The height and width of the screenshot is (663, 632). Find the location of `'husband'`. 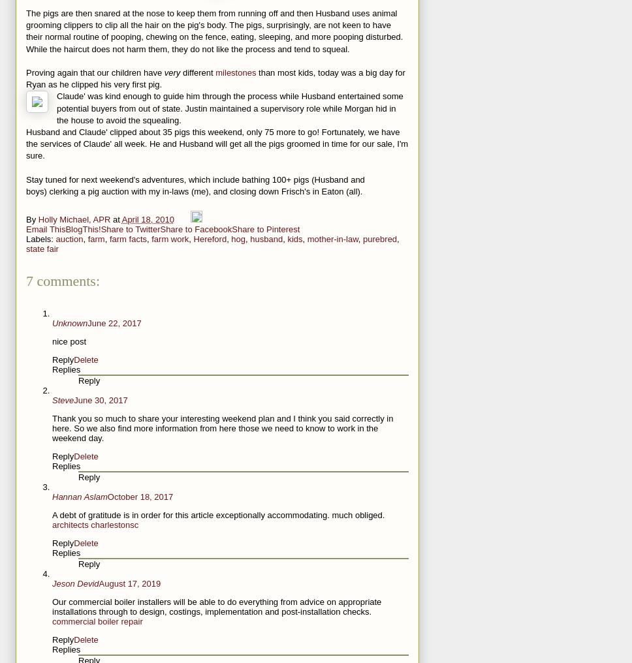

'husband' is located at coordinates (266, 238).